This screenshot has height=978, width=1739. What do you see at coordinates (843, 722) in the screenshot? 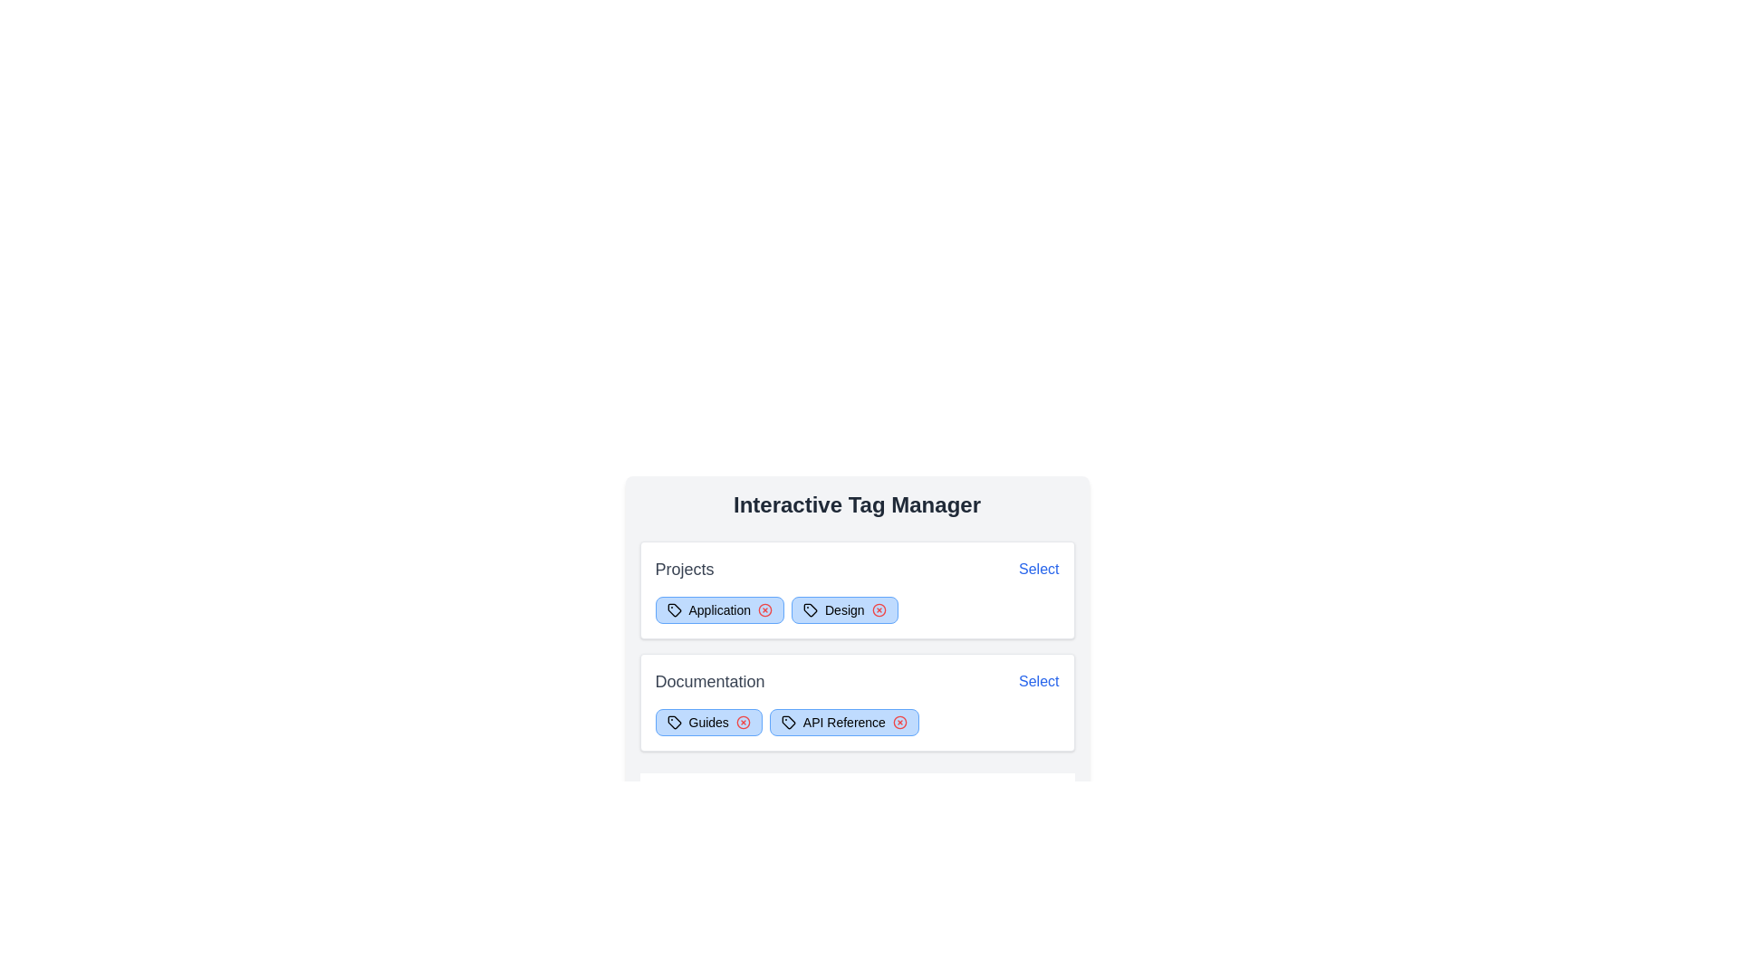
I see `the 'API Reference' button, which is a rounded rectangular button with a light blue background, blue border, and contains an icon resembling a tag and a red 'X' icon on the right, located in the 'Documentation' section of the 'Interactive Tag Manager' interface` at bounding box center [843, 722].